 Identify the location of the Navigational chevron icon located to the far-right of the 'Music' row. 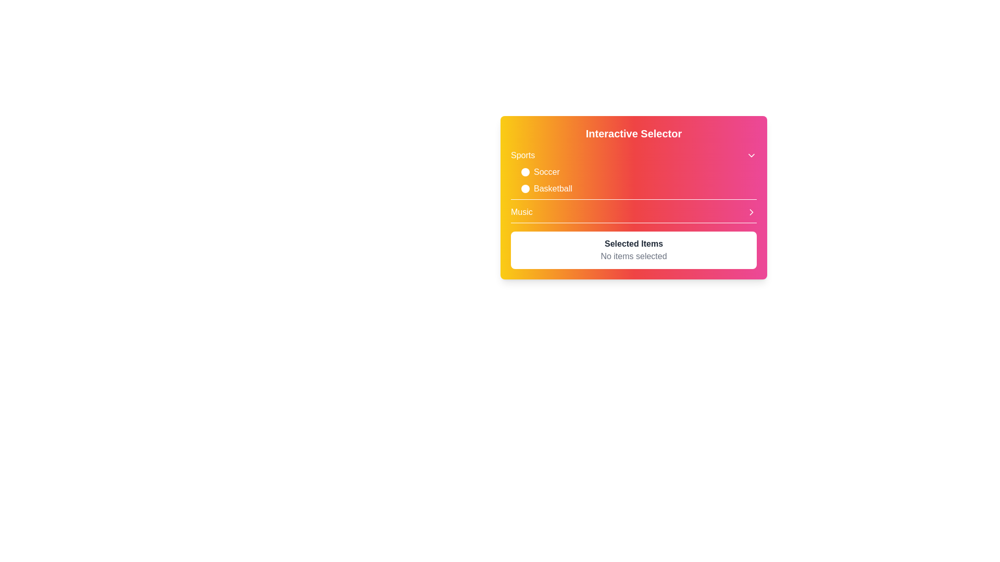
(752, 212).